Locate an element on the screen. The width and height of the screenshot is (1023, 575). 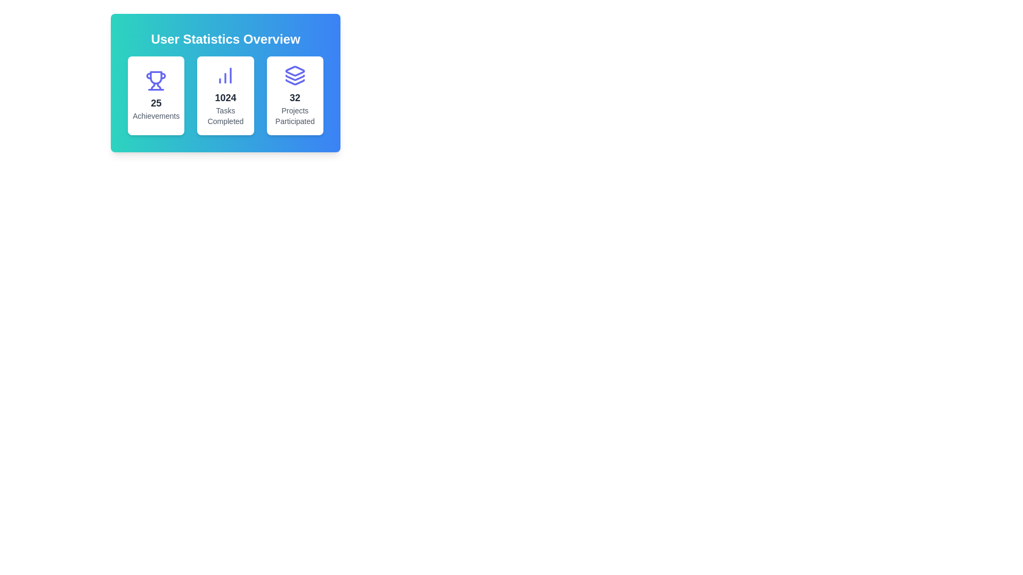
the bar chart icon located in the second card under the 'User Statistics Overview' heading is located at coordinates (225, 75).